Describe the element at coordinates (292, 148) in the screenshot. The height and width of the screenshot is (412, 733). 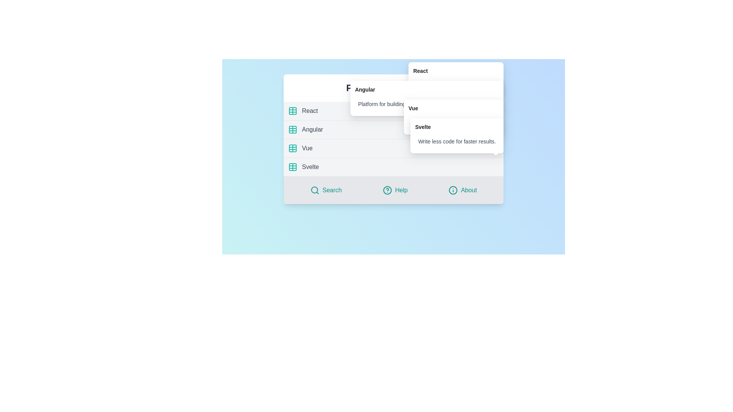
I see `the first icon in the 'Vue' row, which resembles a table grid with a teal outline` at that location.